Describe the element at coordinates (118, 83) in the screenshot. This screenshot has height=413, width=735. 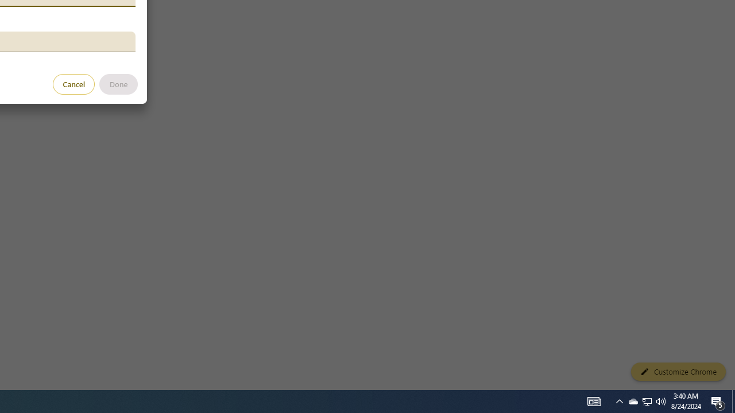
I see `'Done'` at that location.